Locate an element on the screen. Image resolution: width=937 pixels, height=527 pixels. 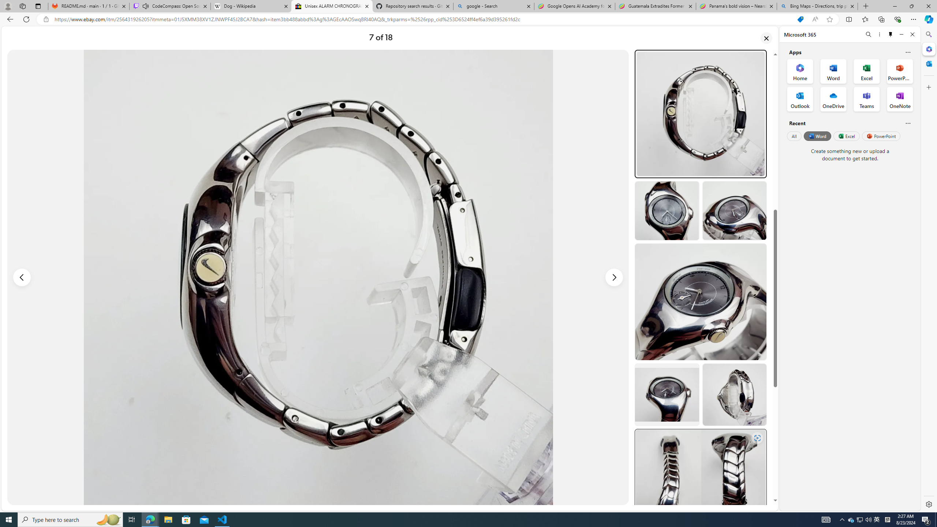
'Mute tab' is located at coordinates (146, 5).